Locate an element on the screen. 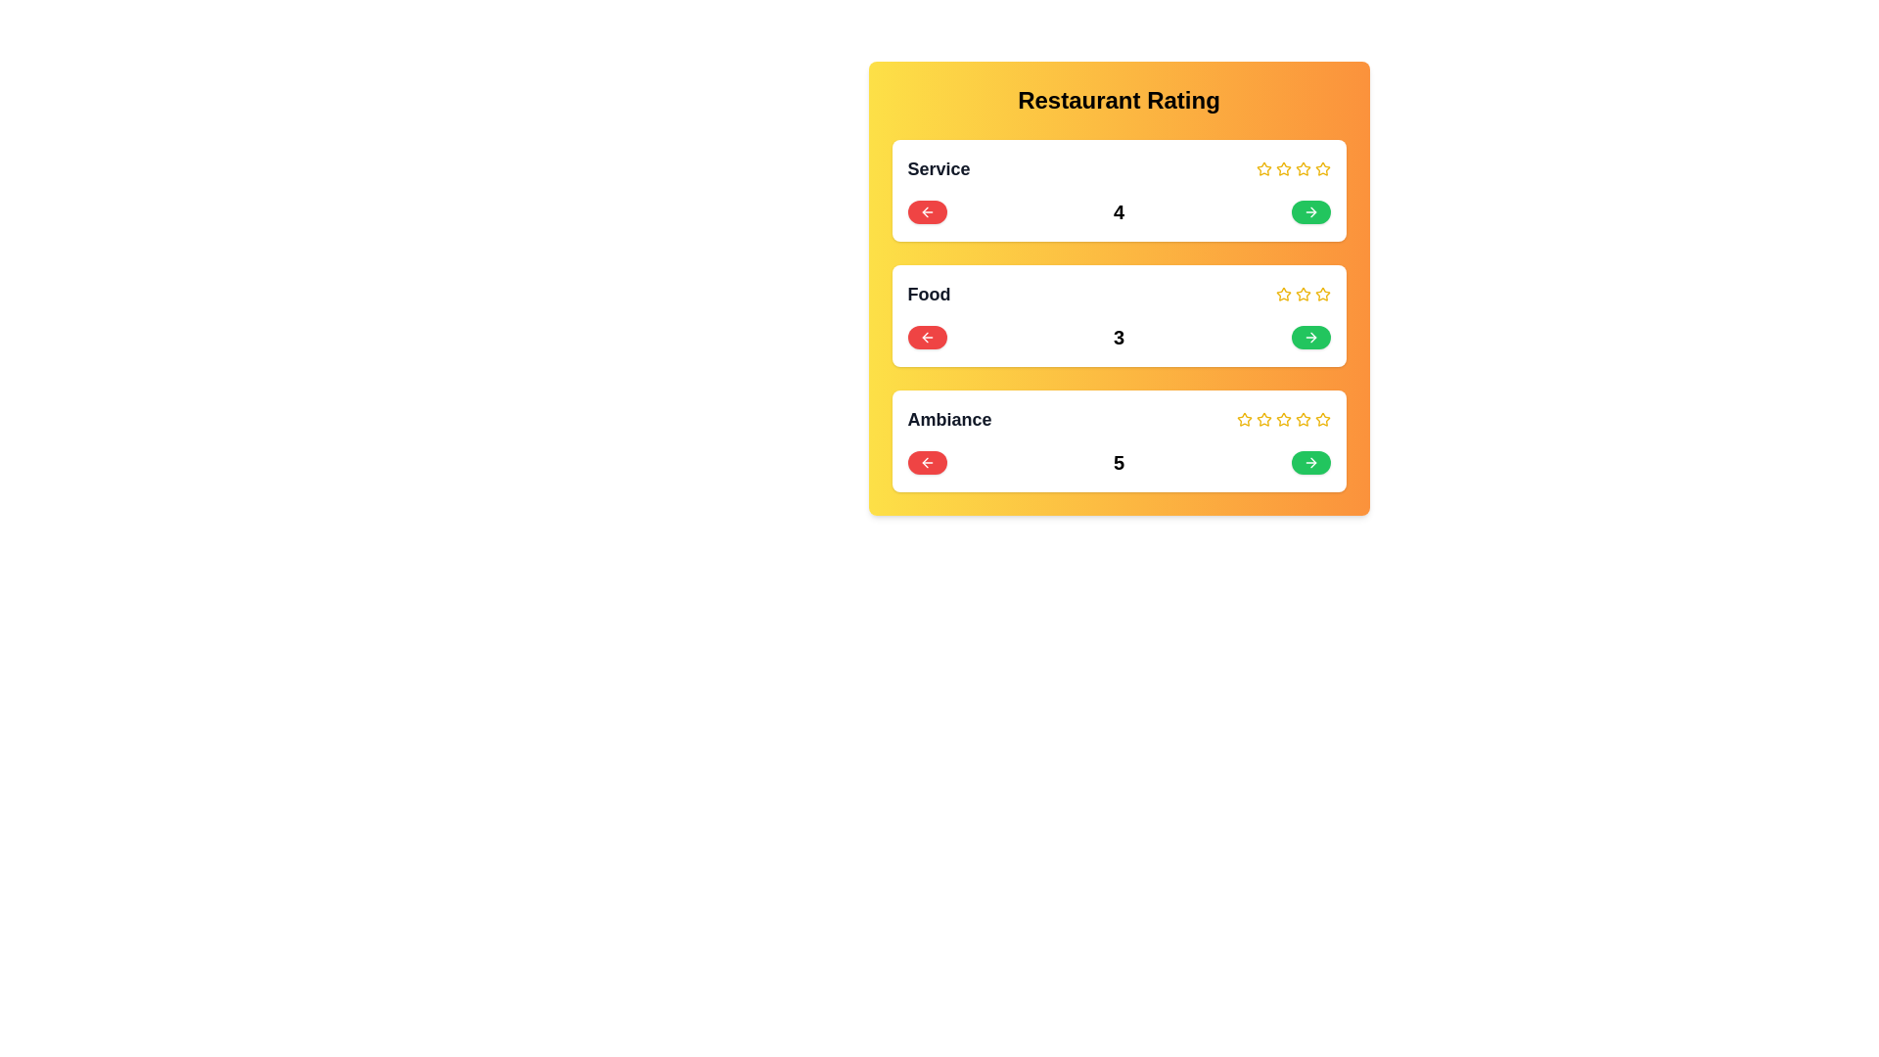 The height and width of the screenshot is (1057, 1879). the first solid yellow star in the service rating row is located at coordinates (1263, 167).